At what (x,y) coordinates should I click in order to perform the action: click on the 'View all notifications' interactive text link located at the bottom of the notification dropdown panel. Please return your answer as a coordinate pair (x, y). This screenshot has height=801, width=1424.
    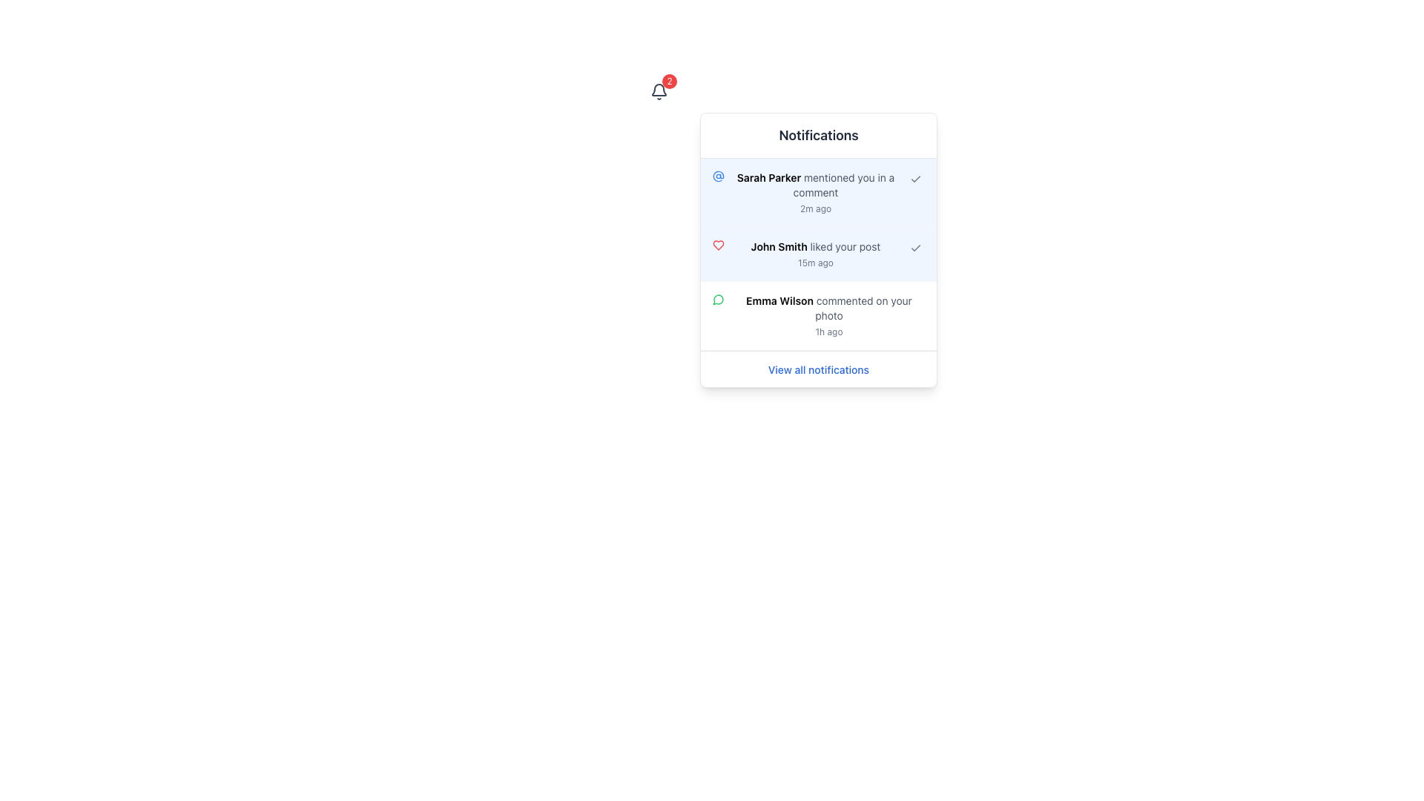
    Looking at the image, I should click on (818, 368).